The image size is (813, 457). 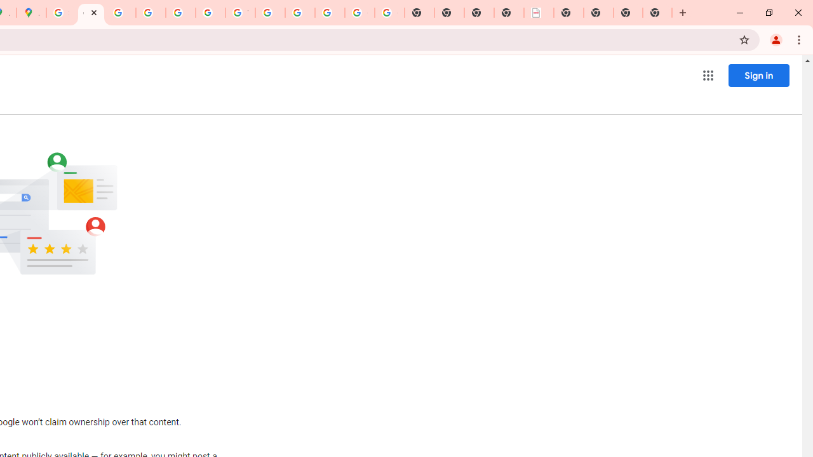 I want to click on 'Privacy Help Center - Policies Help', so click(x=121, y=13).